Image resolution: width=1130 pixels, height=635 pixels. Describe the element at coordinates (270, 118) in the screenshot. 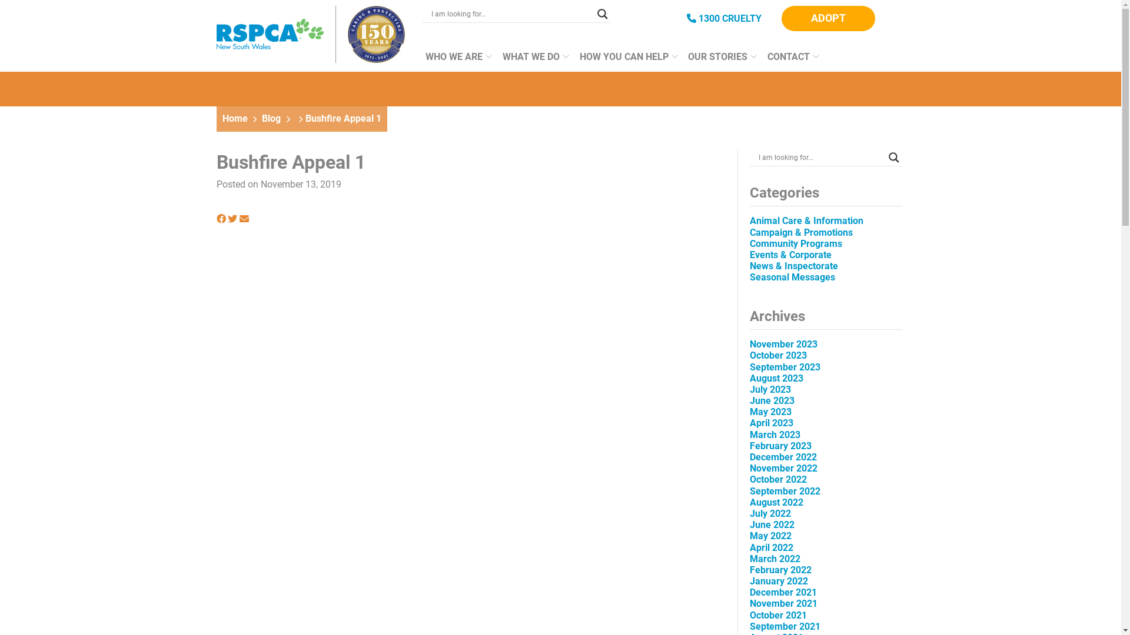

I see `'Blog'` at that location.